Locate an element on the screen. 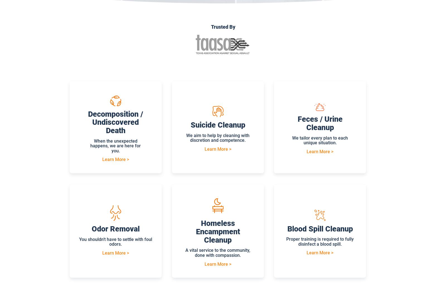  'When the unexpected happens, we are here for you.' is located at coordinates (115, 145).